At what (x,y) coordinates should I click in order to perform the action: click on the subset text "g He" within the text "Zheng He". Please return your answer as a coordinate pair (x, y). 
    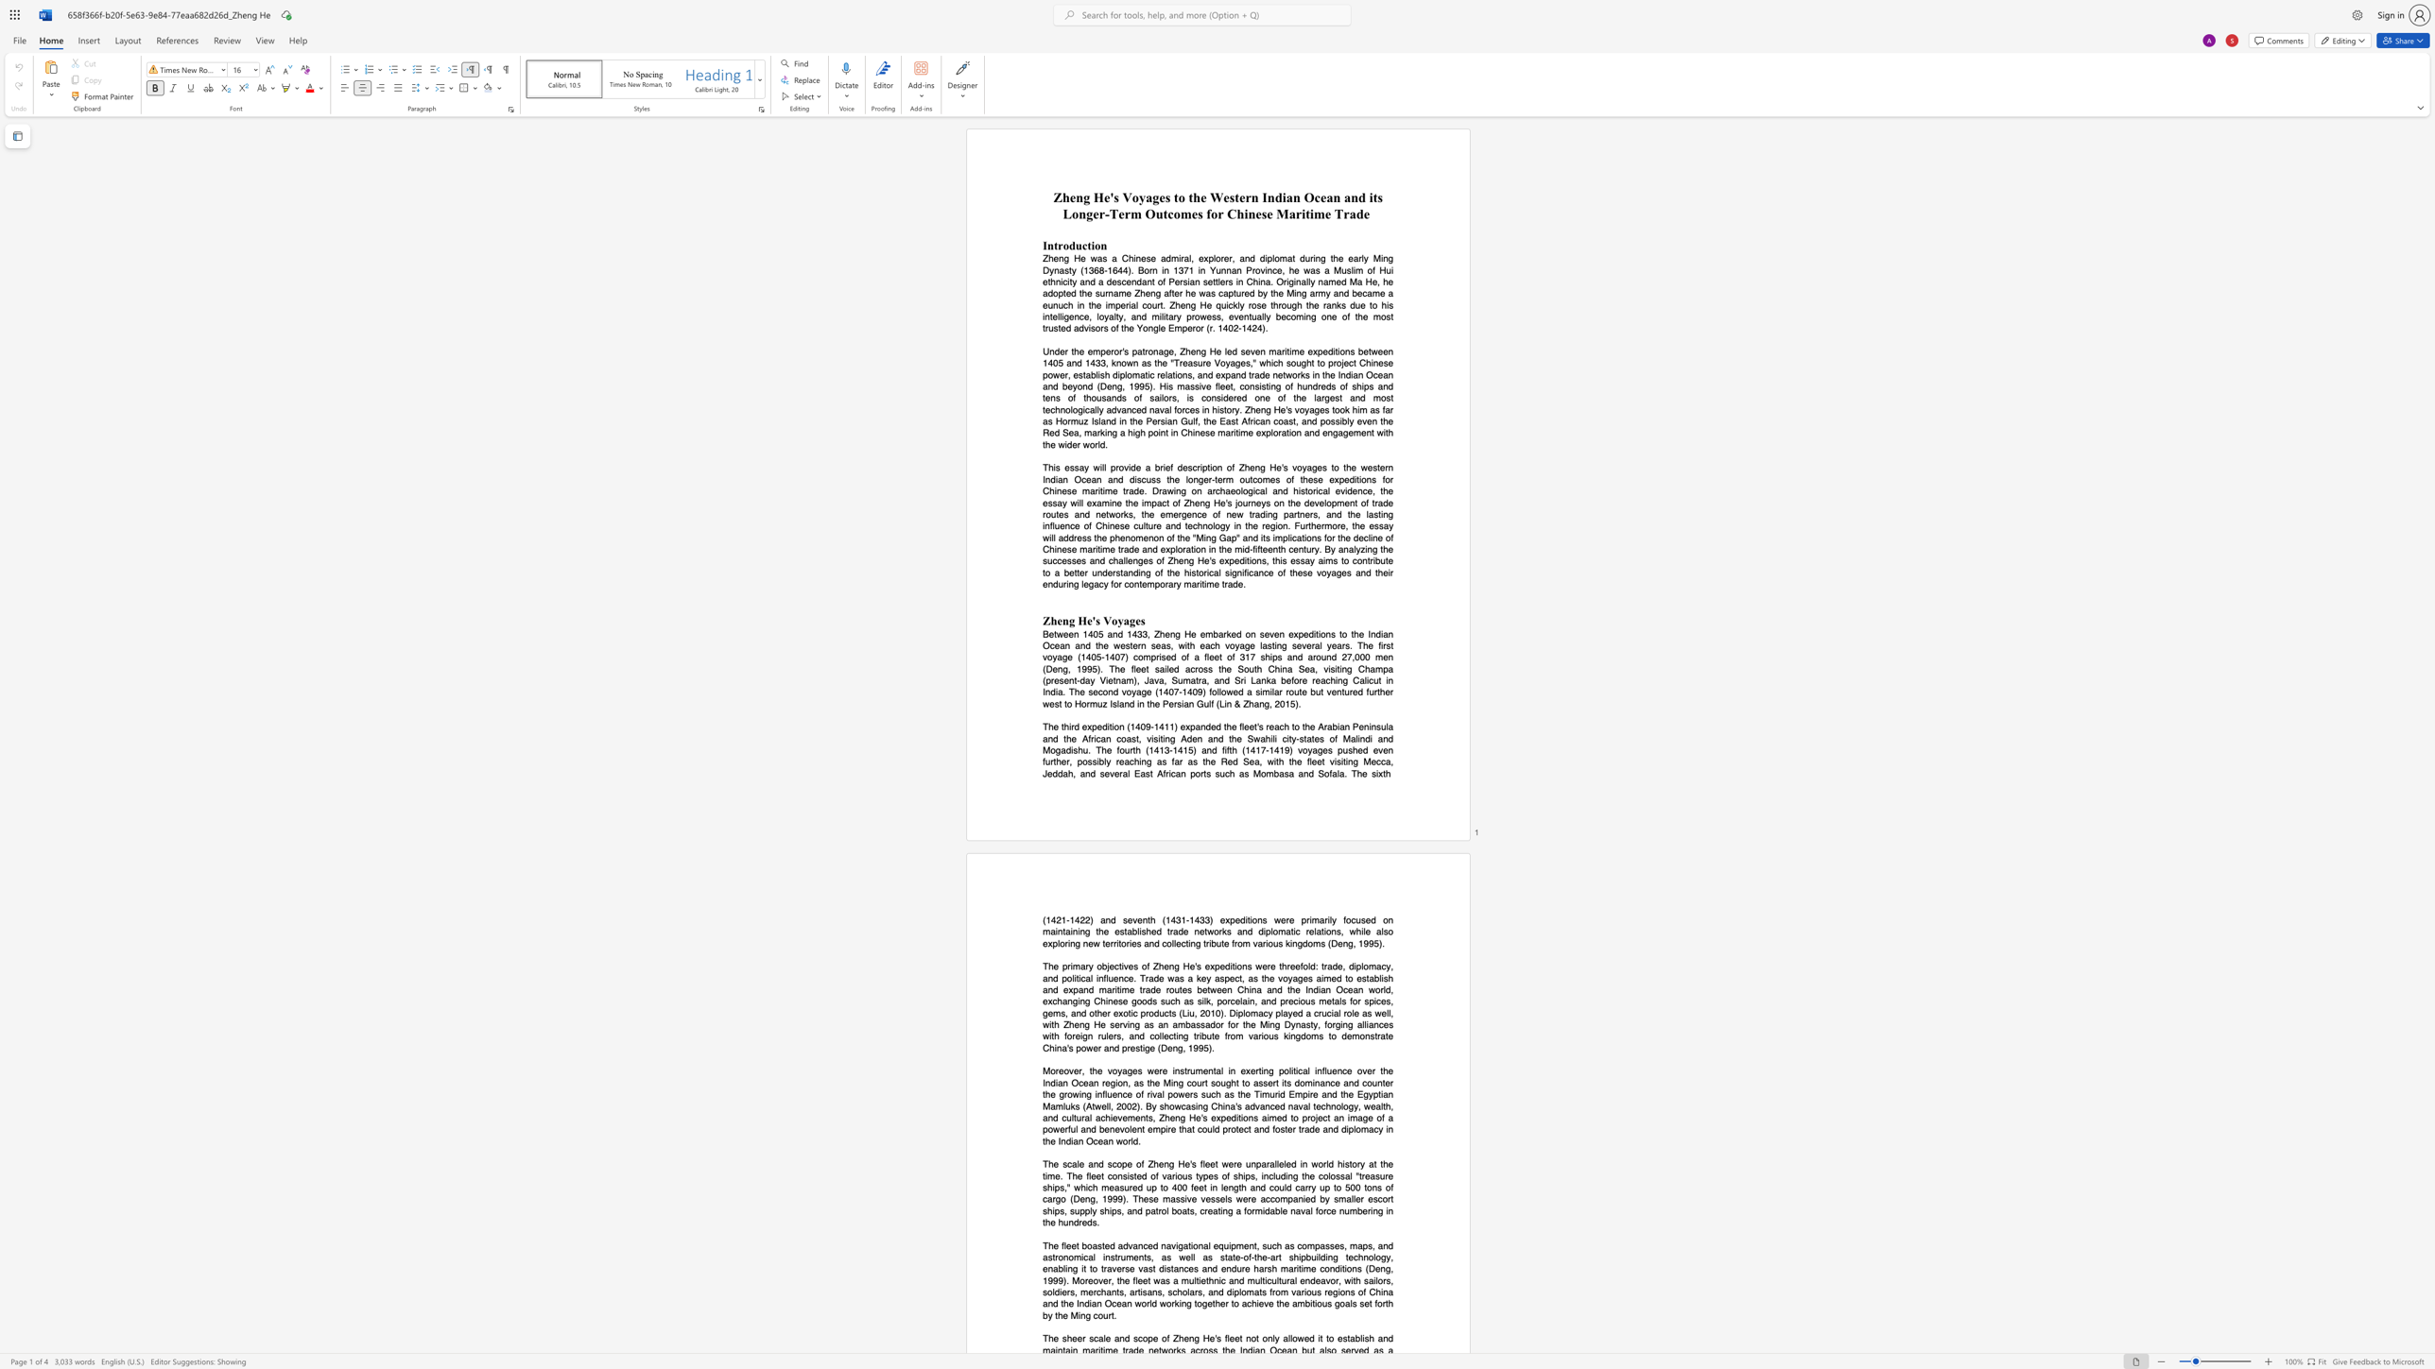
    Looking at the image, I should click on (1082, 197).